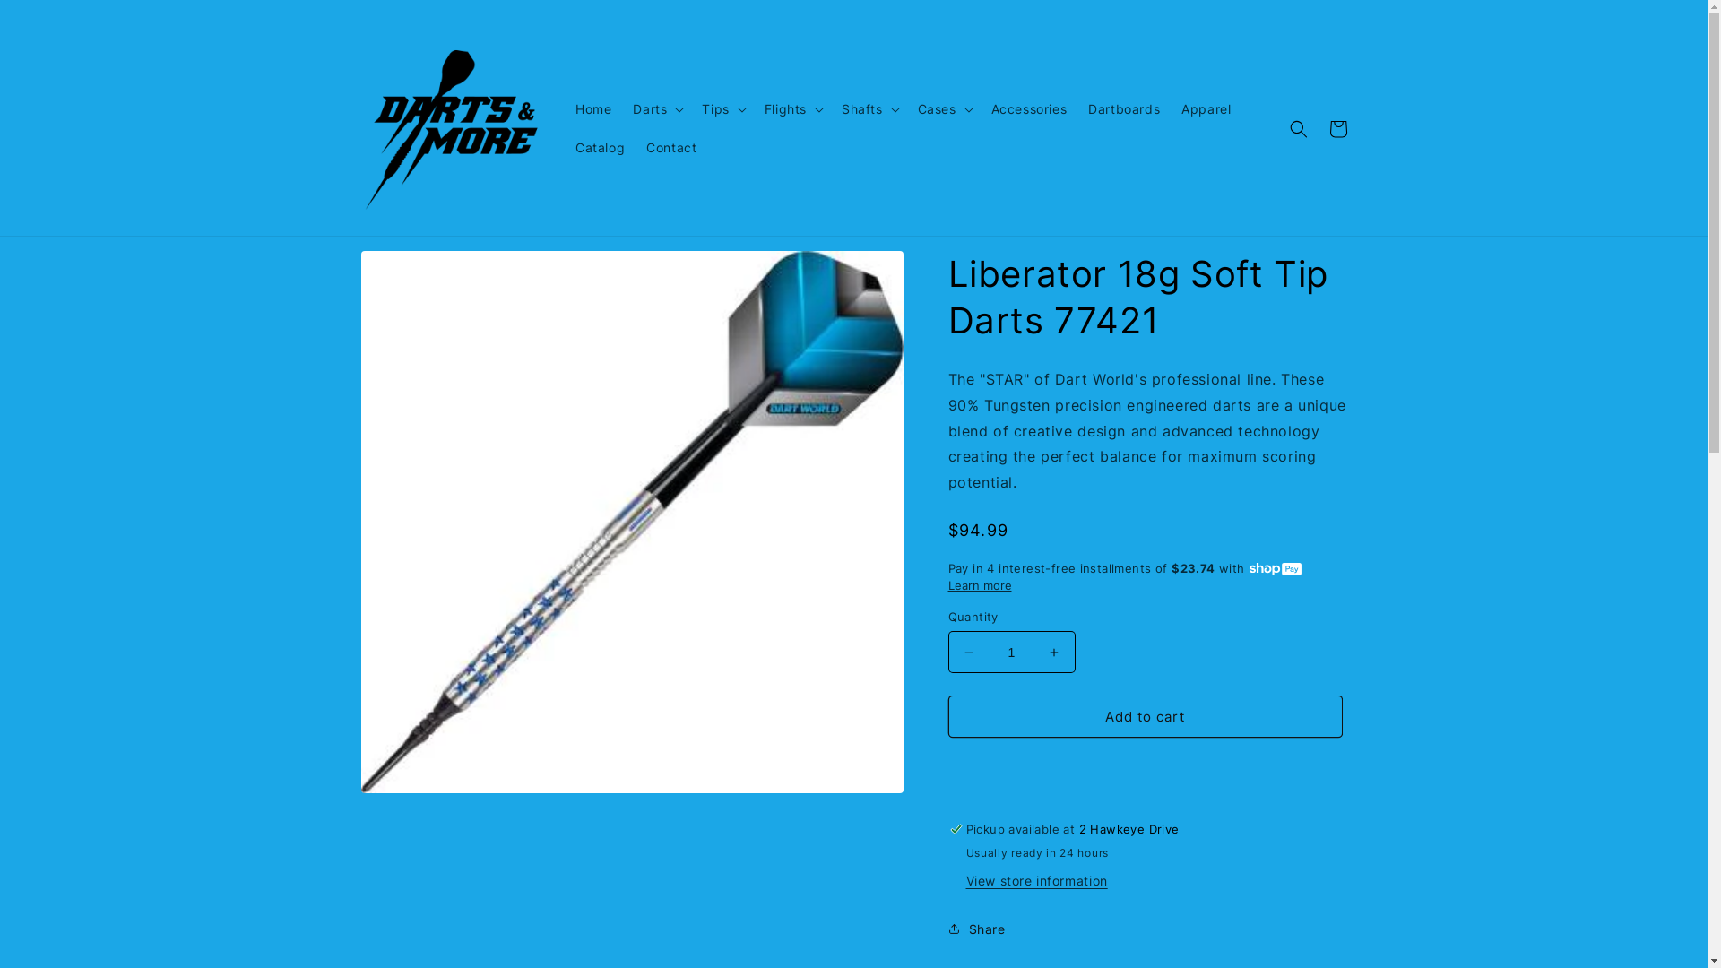  I want to click on 'View store information', so click(965, 880).